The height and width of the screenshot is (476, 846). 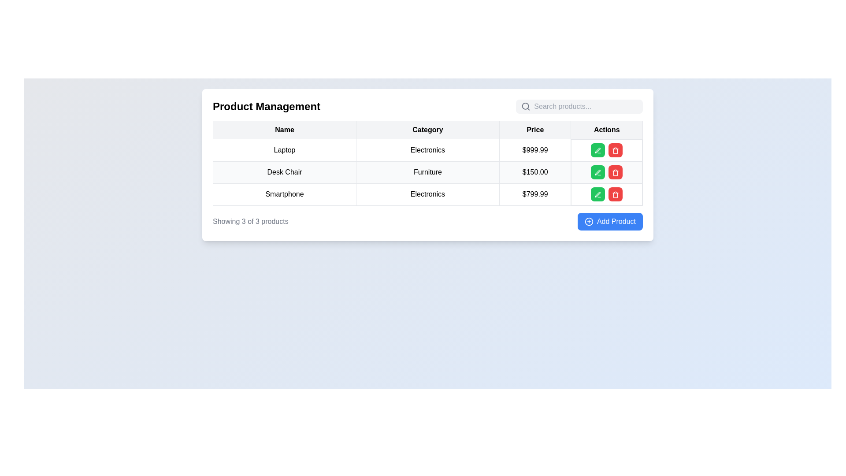 What do you see at coordinates (427, 149) in the screenshot?
I see `the static text element displaying 'Electronics' in the second column of the first row of the table under the 'Category' header` at bounding box center [427, 149].